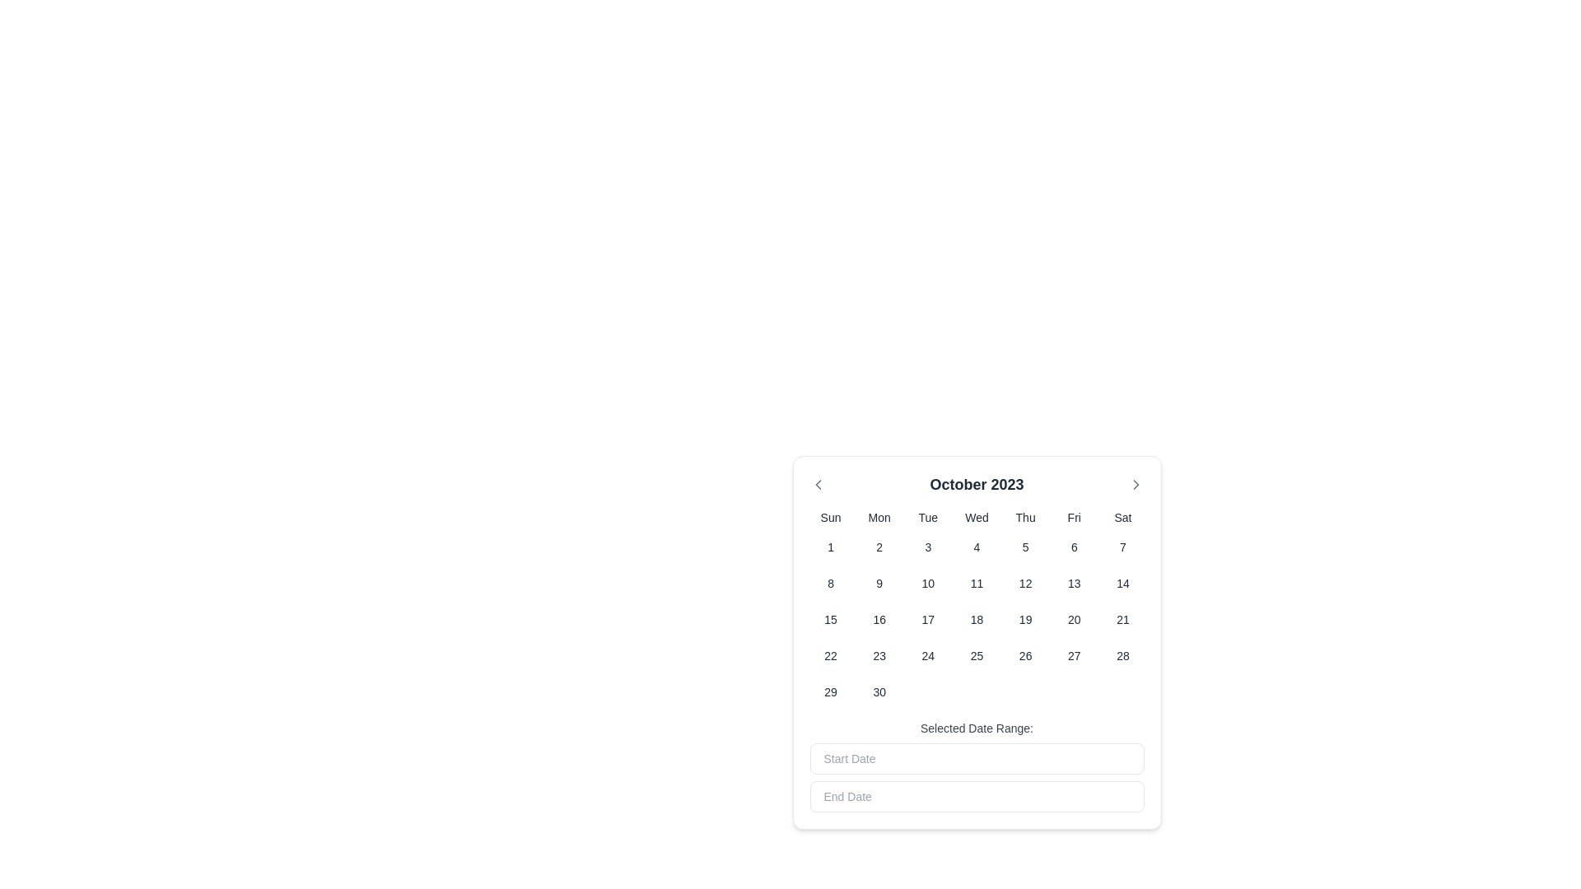  I want to click on the left-pointing chevron symbol in the top-left corner of the calendar interface, so click(818, 484).